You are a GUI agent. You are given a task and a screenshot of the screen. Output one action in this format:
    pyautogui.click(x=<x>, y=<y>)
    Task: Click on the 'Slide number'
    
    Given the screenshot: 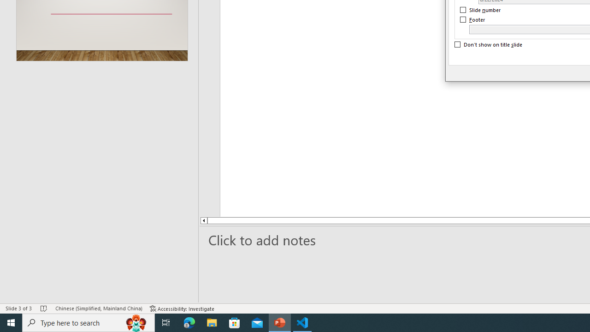 What is the action you would take?
    pyautogui.click(x=480, y=10)
    